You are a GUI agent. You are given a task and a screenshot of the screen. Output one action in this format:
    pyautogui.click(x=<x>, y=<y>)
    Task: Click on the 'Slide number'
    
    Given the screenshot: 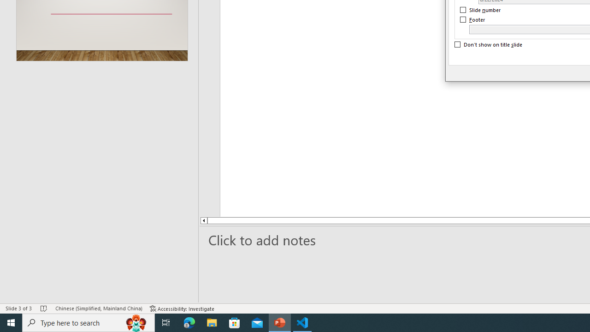 What is the action you would take?
    pyautogui.click(x=480, y=10)
    